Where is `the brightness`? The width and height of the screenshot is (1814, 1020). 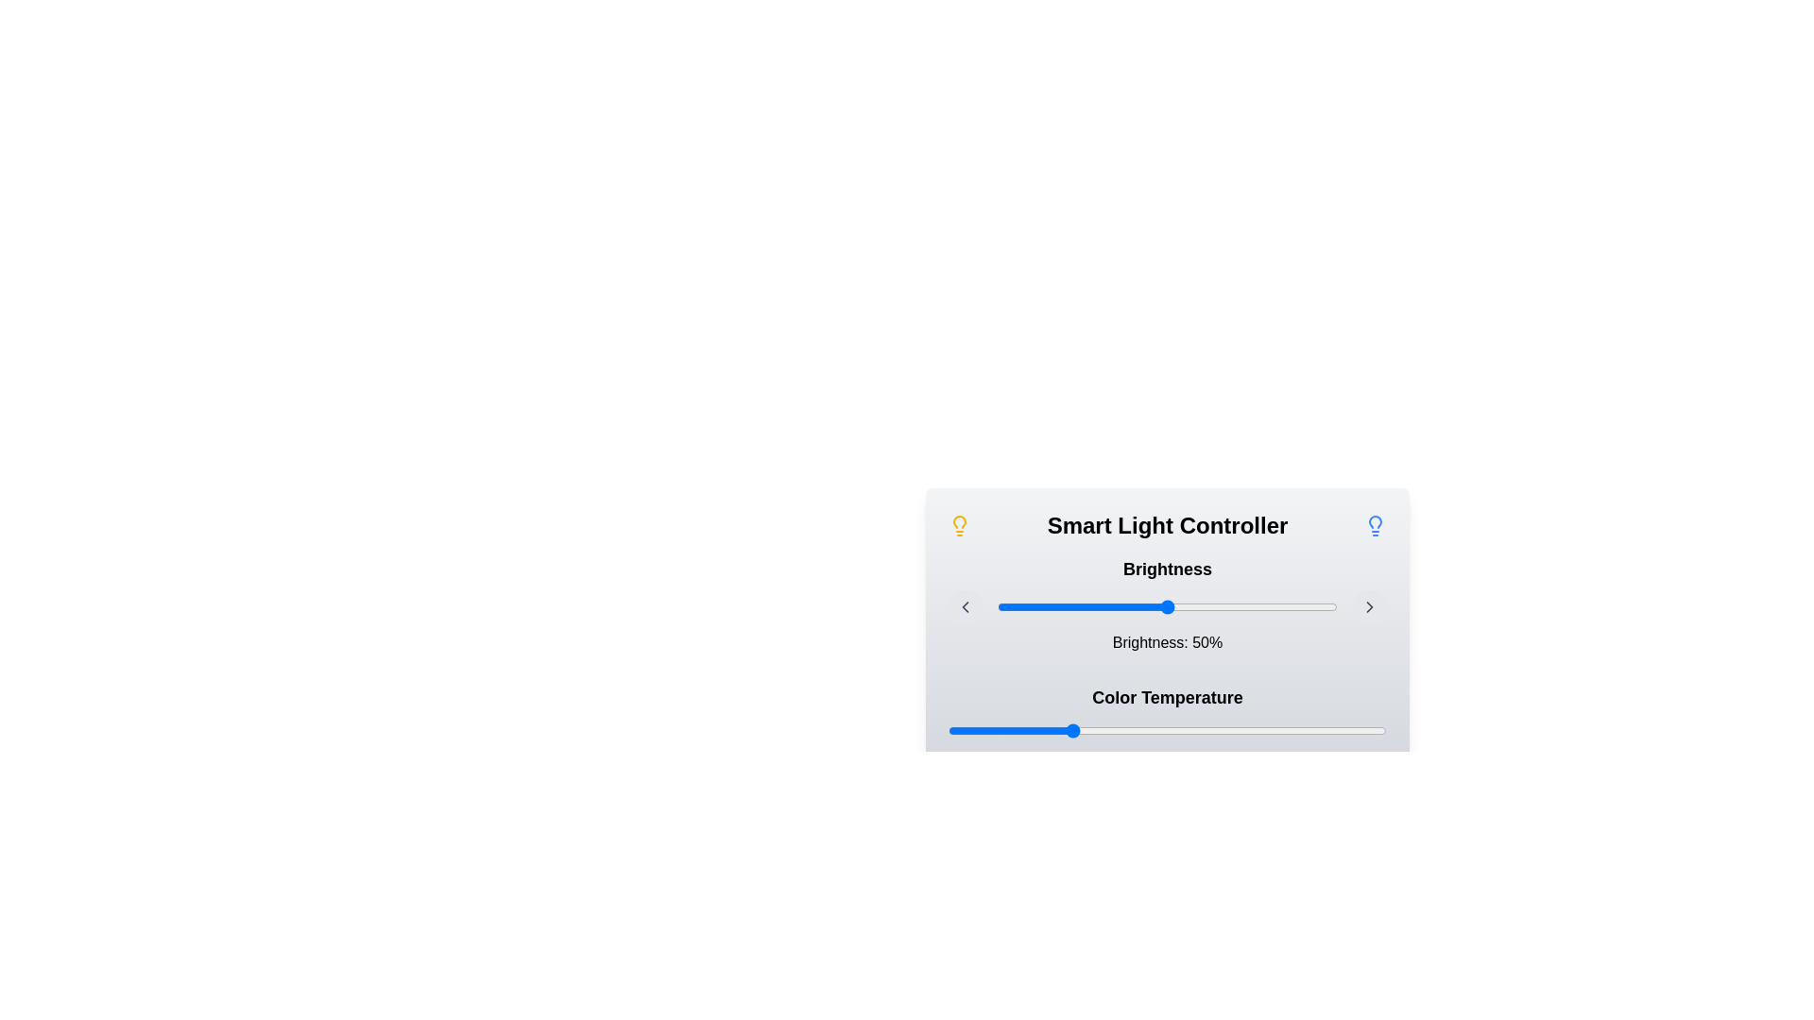
the brightness is located at coordinates (1010, 607).